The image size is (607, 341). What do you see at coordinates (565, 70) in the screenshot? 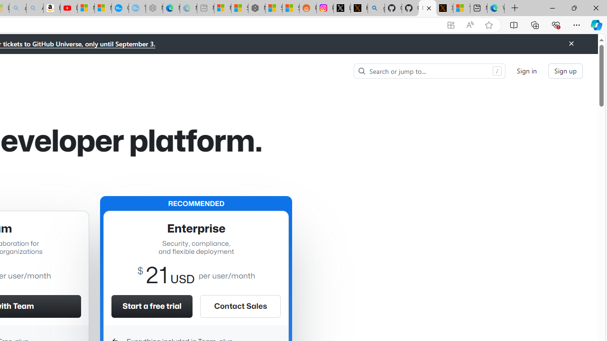
I see `'Sign up'` at bounding box center [565, 70].